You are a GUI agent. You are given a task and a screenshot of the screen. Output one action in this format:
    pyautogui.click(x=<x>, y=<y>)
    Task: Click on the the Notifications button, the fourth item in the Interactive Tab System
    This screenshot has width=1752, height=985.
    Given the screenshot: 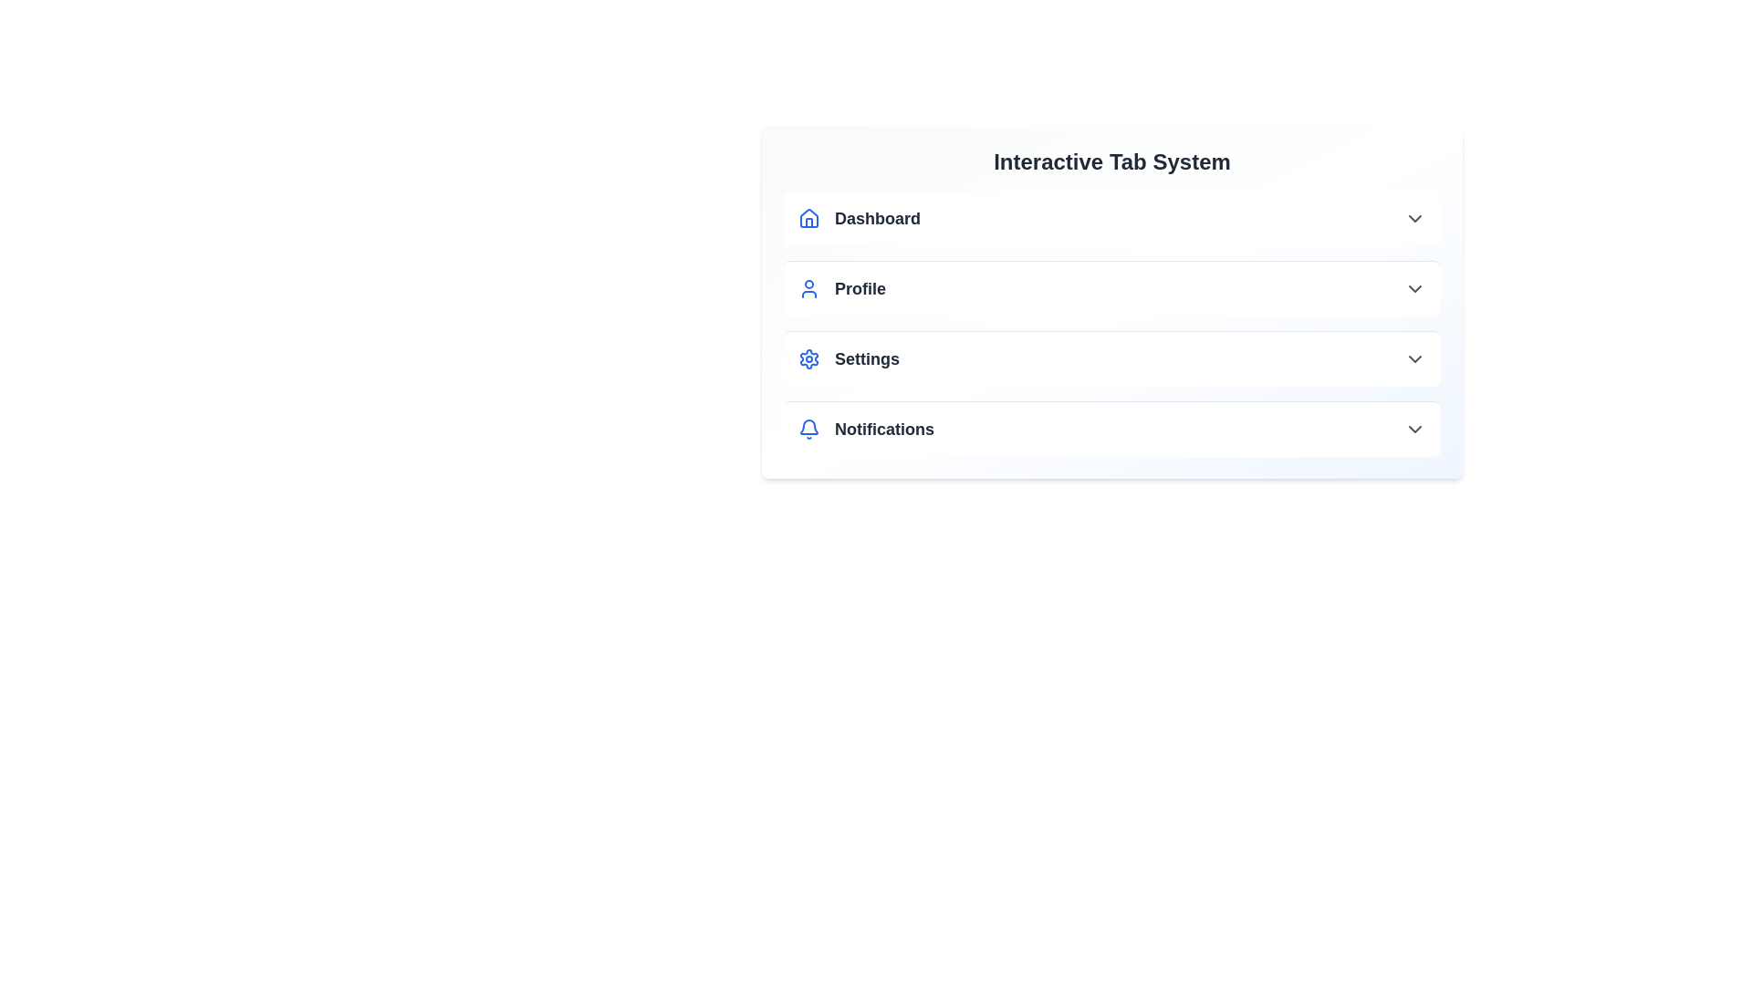 What is the action you would take?
    pyautogui.click(x=1111, y=429)
    